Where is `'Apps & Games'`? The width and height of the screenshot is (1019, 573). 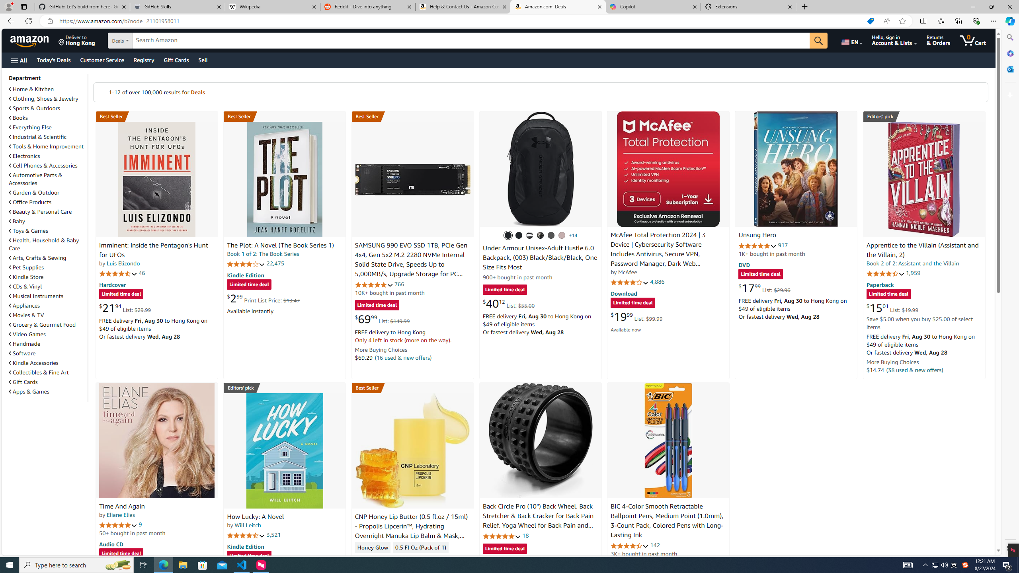
'Apps & Games' is located at coordinates (29, 392).